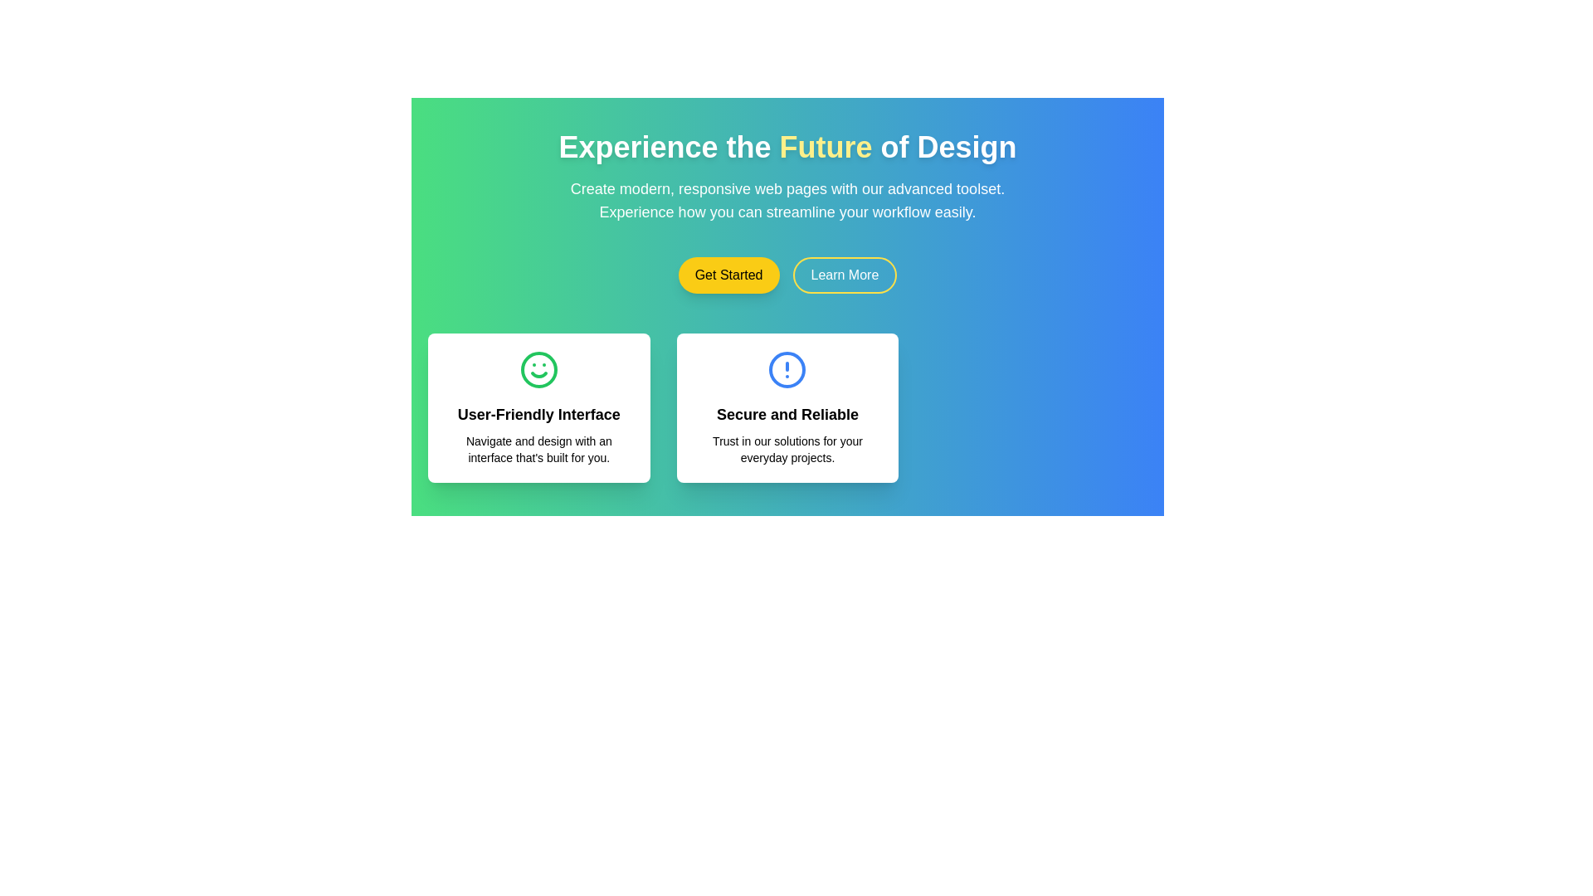 Image resolution: width=1593 pixels, height=896 pixels. What do you see at coordinates (538, 369) in the screenshot?
I see `the decorative icon located at the top of the 'User-Friendly Interface' box in the bottom-left section of the central interface` at bounding box center [538, 369].